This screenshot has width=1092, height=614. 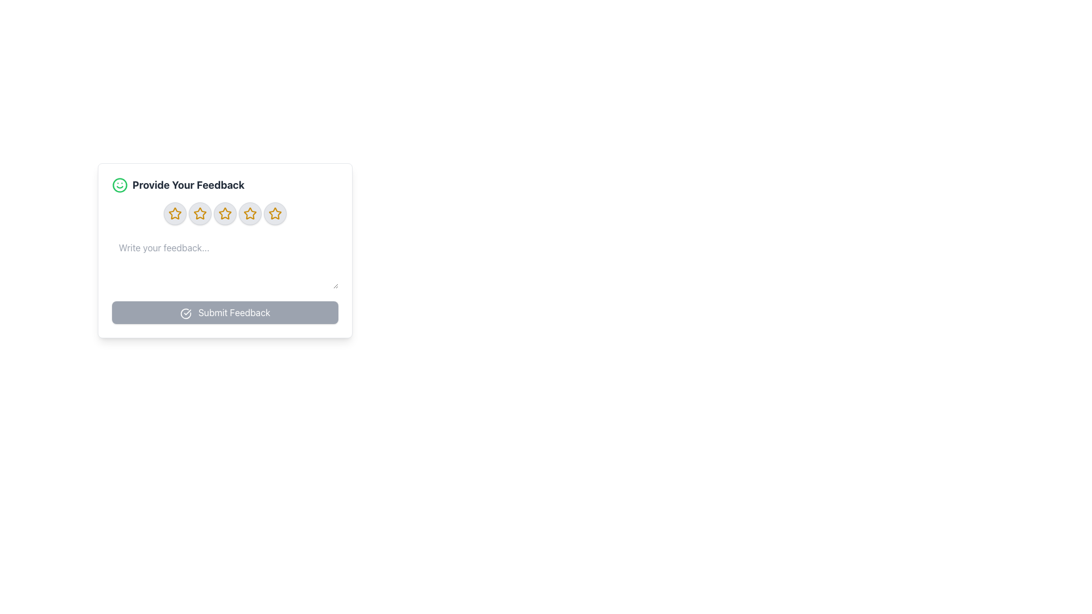 What do you see at coordinates (174, 213) in the screenshot?
I see `the first star-shaped icon, which is yellow and outlined, as part of the overall rating display in the feedback provision form` at bounding box center [174, 213].